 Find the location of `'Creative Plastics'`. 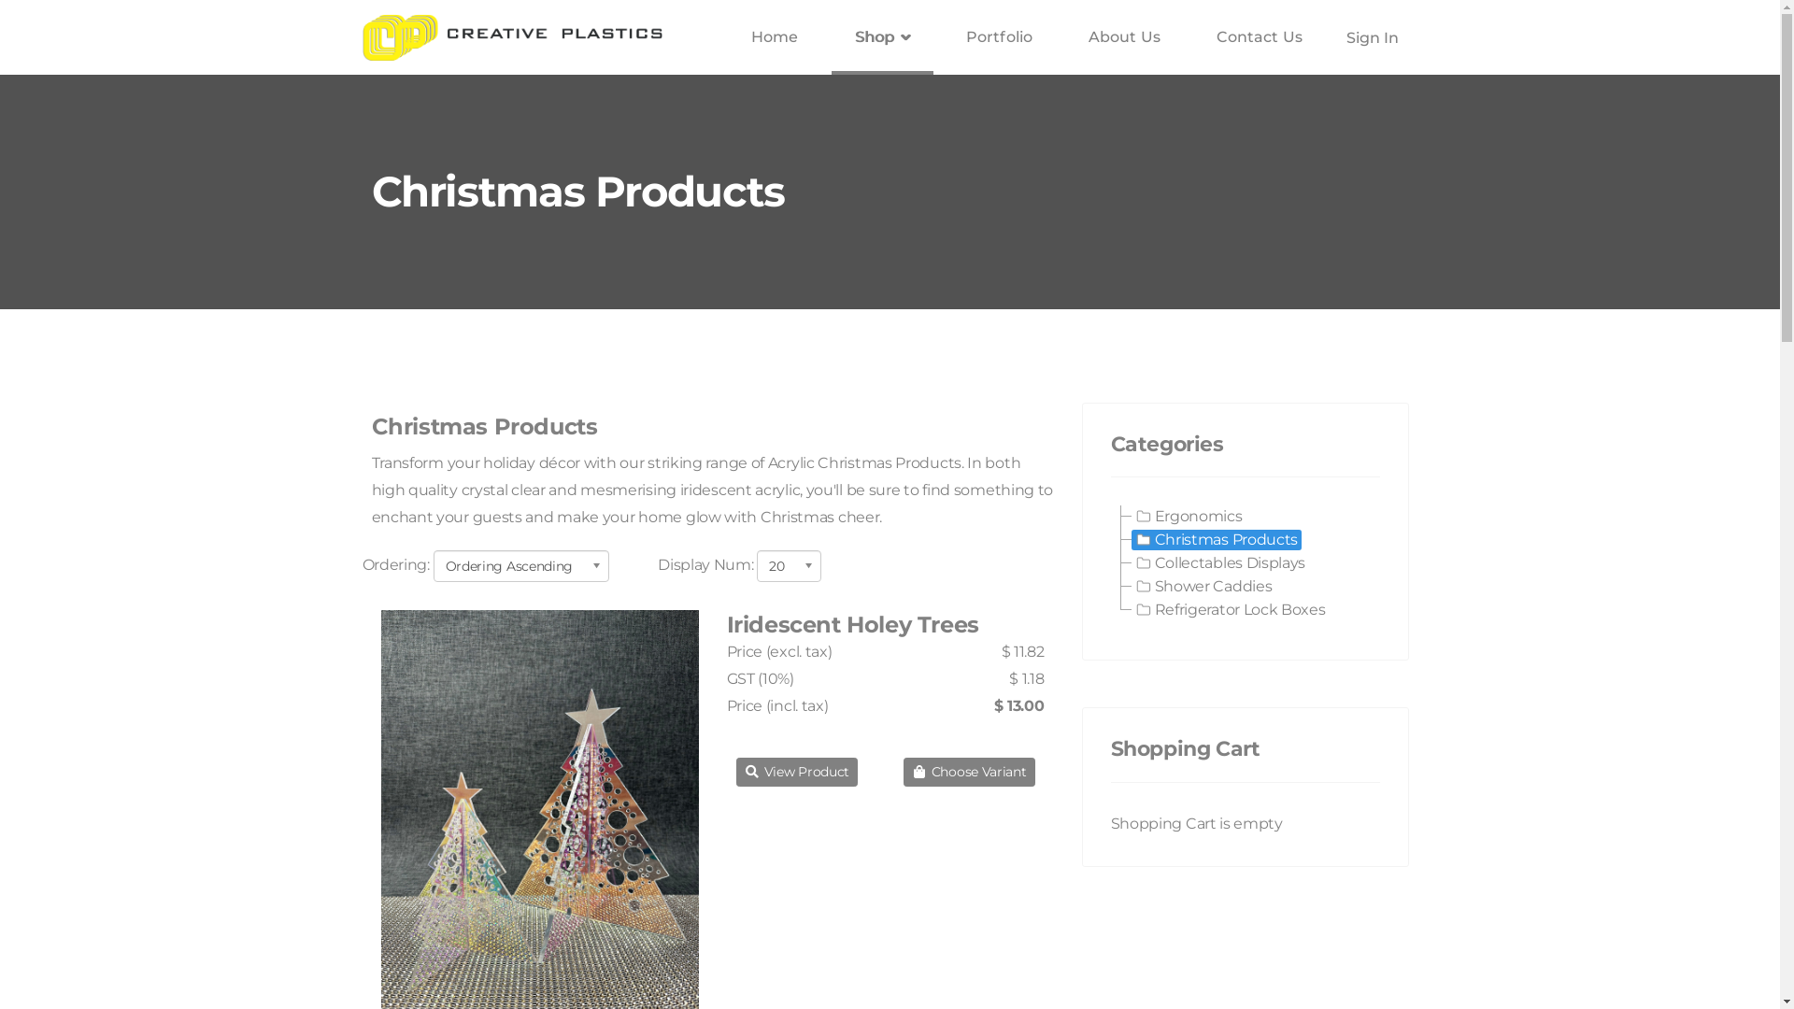

'Creative Plastics' is located at coordinates (512, 36).